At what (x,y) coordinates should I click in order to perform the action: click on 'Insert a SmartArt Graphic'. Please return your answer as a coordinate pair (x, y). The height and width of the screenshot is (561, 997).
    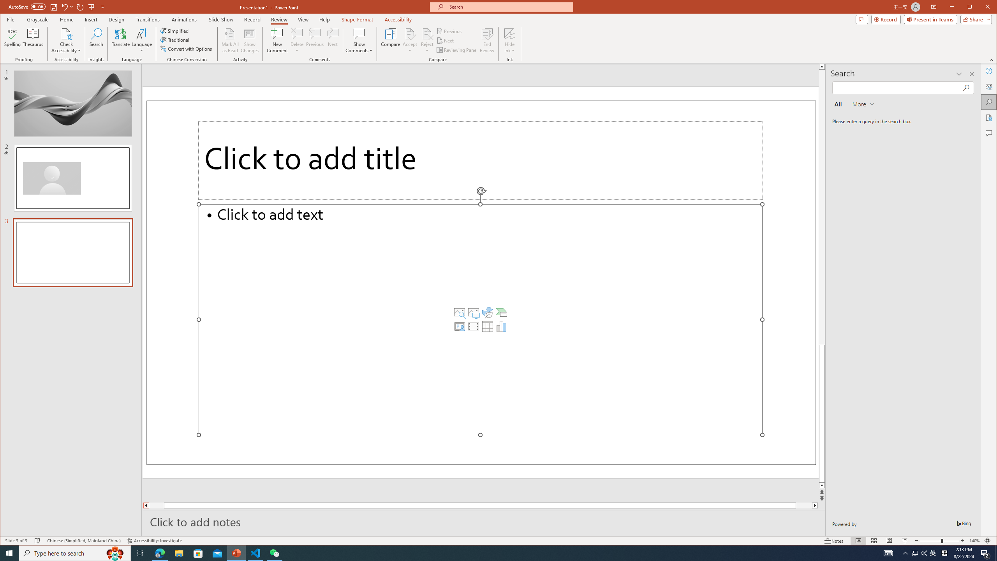
    Looking at the image, I should click on (501, 312).